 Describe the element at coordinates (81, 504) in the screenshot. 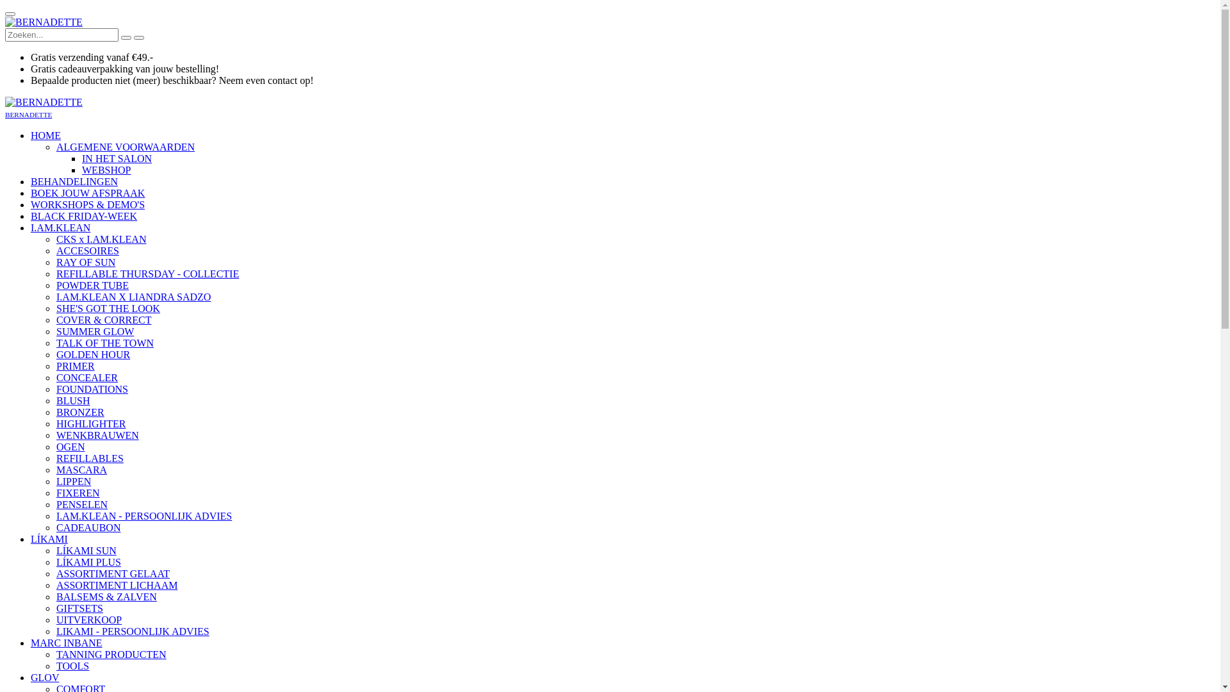

I see `'PENSELEN'` at that location.